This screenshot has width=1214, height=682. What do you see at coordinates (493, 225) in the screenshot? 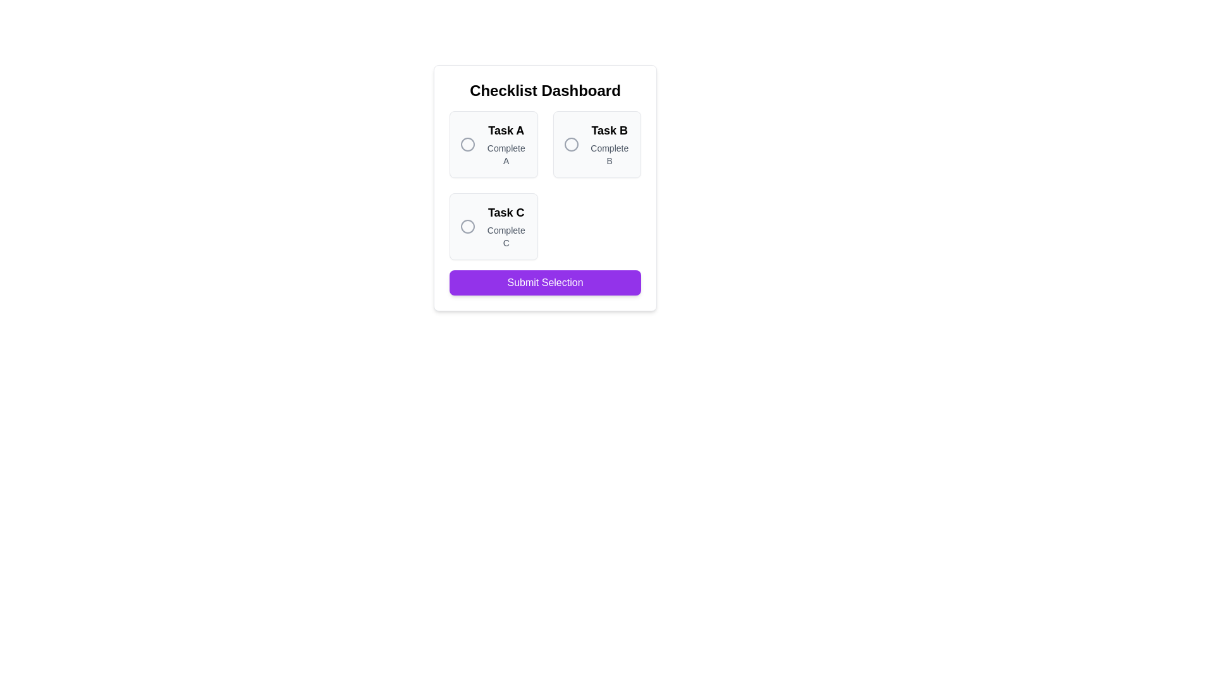
I see `the radio button corresponding to 'Task C'` at bounding box center [493, 225].